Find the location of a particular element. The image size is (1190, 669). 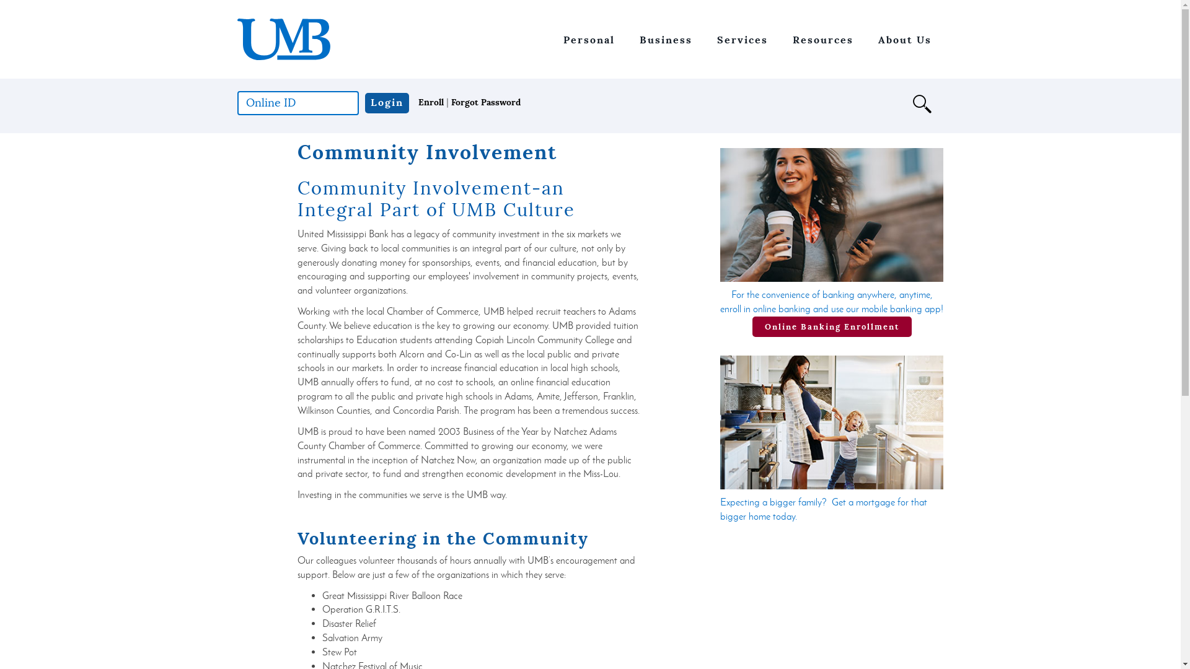

'Login' is located at coordinates (386, 102).